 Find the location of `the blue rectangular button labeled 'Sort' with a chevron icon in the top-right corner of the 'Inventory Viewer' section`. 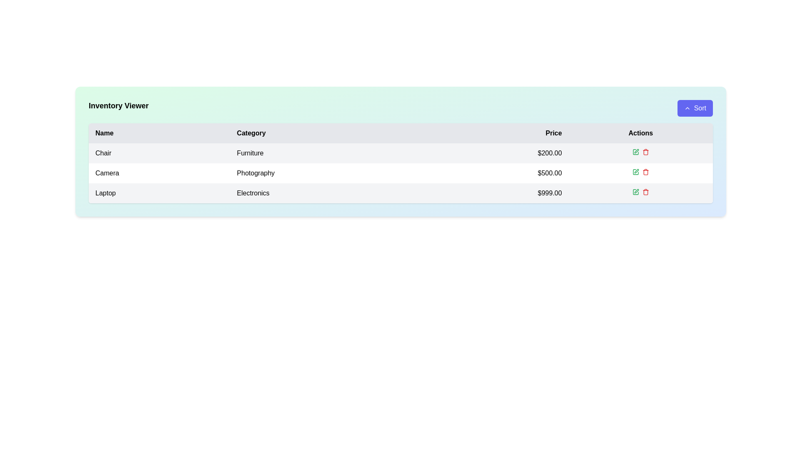

the blue rectangular button labeled 'Sort' with a chevron icon in the top-right corner of the 'Inventory Viewer' section is located at coordinates (695, 107).